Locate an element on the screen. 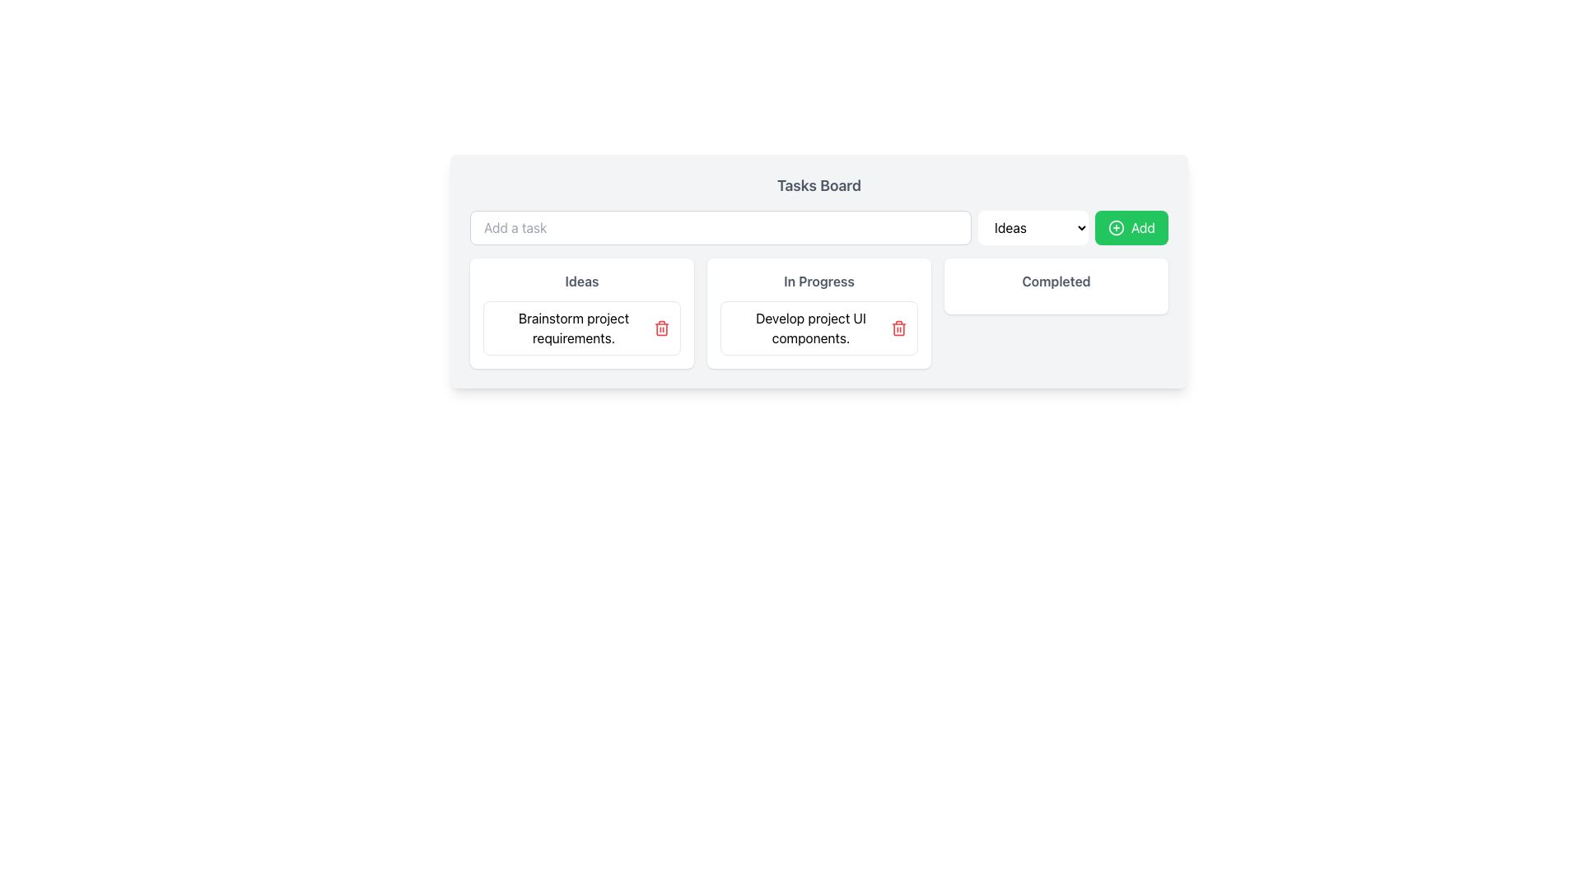 This screenshot has width=1581, height=889. the task card in the 'Ideas' category on the task board is located at coordinates (573, 328).